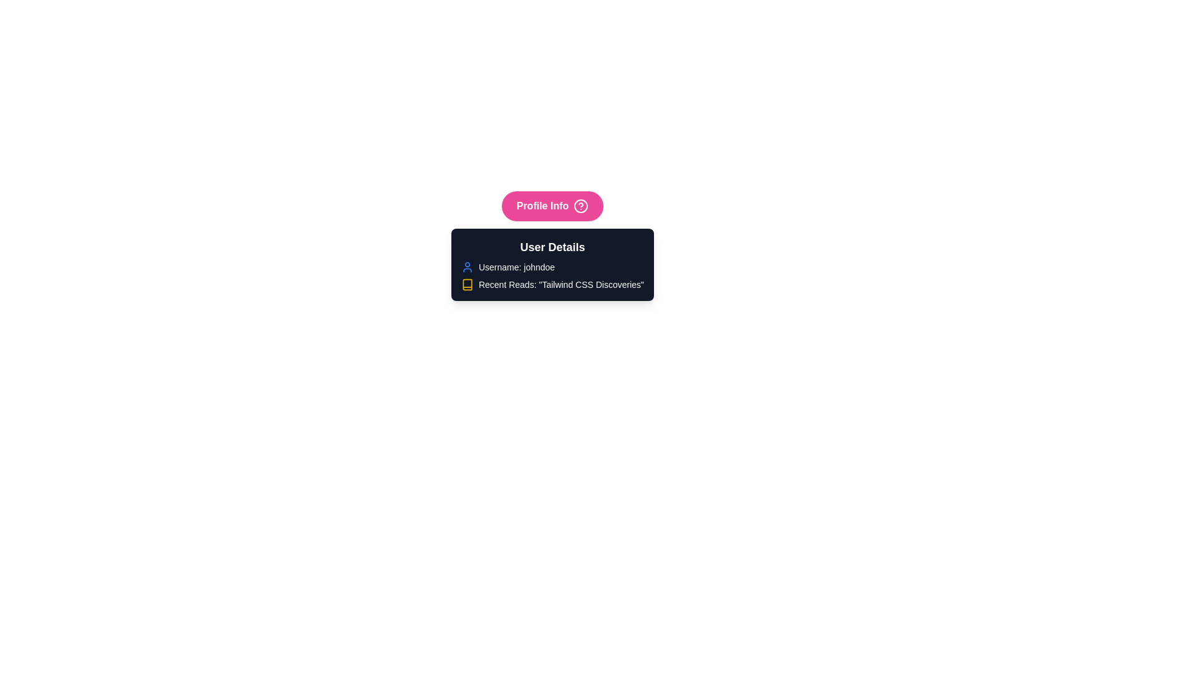  Describe the element at coordinates (466, 284) in the screenshot. I see `the open book icon styled with text-yellow-500, located to the left of the 'Recent Reads: "Tailwind CSS Discoveries"' label` at that location.